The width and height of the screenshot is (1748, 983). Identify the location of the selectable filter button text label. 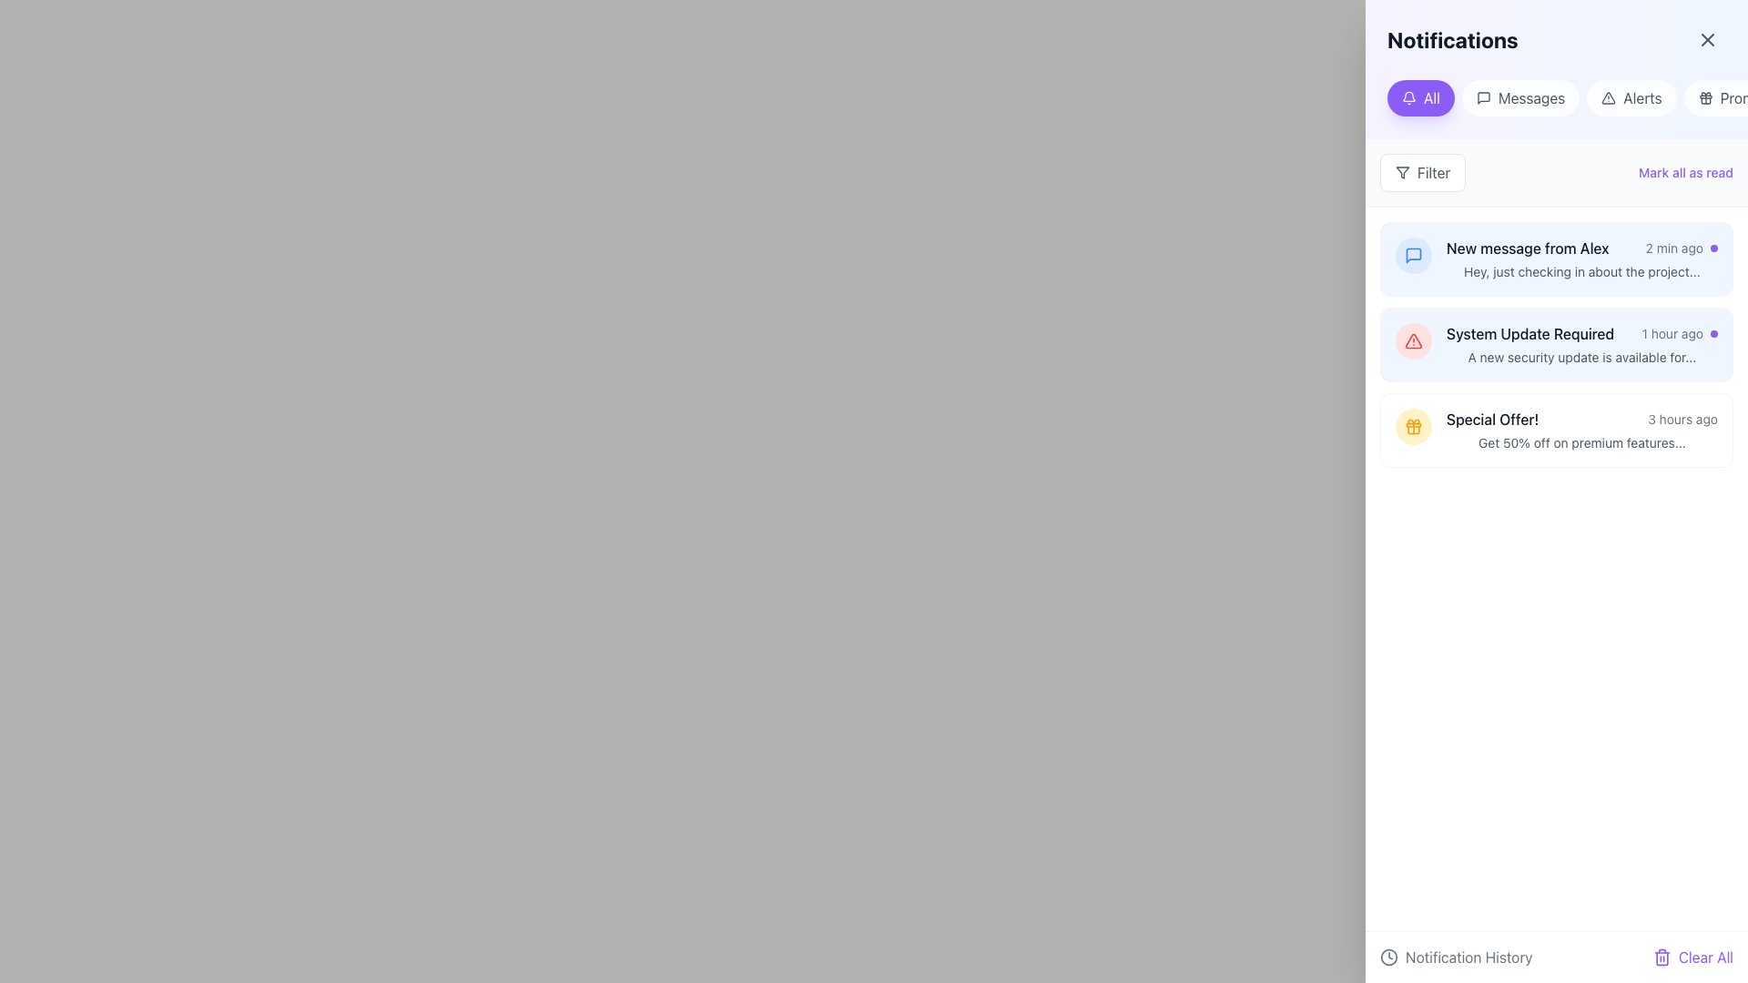
(1530, 98).